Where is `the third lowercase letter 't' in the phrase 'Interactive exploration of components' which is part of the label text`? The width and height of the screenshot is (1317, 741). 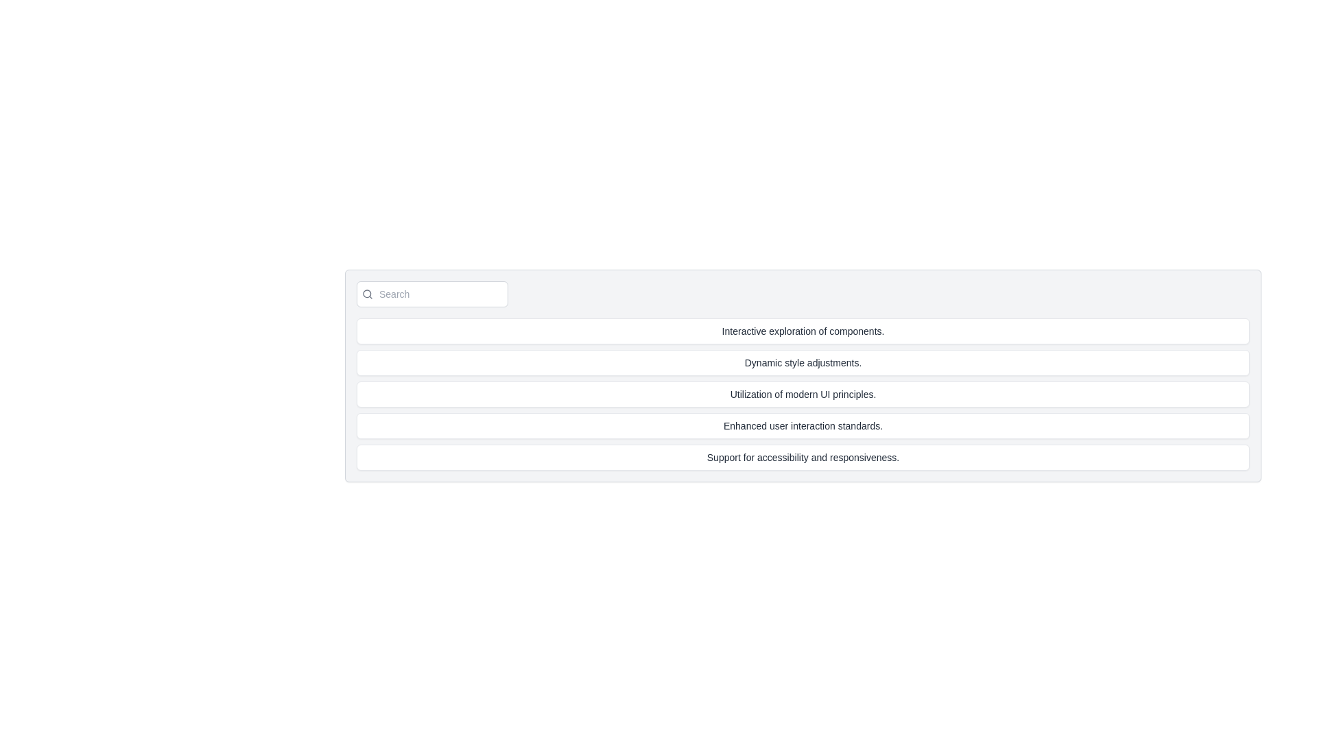
the third lowercase letter 't' in the phrase 'Interactive exploration of components' which is part of the label text is located at coordinates (752, 331).